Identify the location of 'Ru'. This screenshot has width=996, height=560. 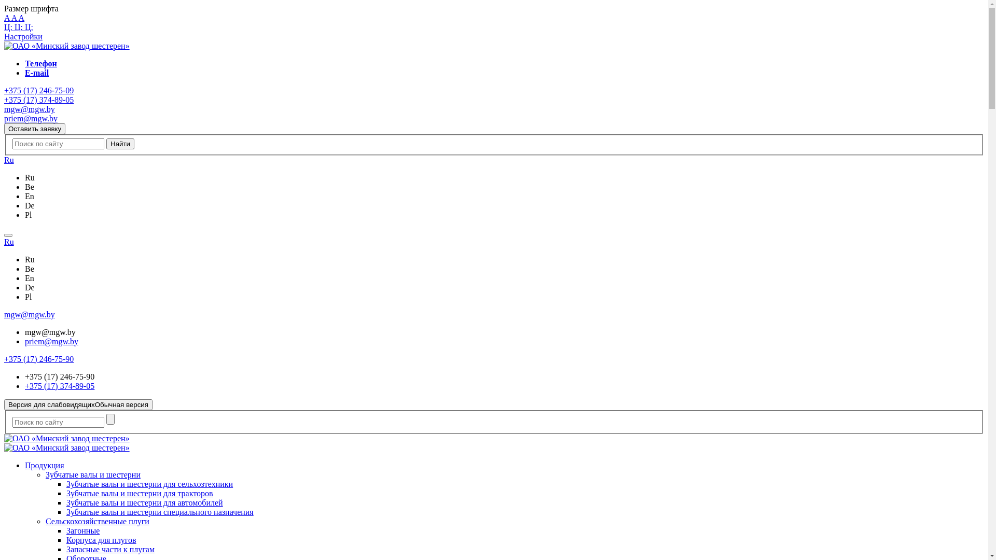
(9, 242).